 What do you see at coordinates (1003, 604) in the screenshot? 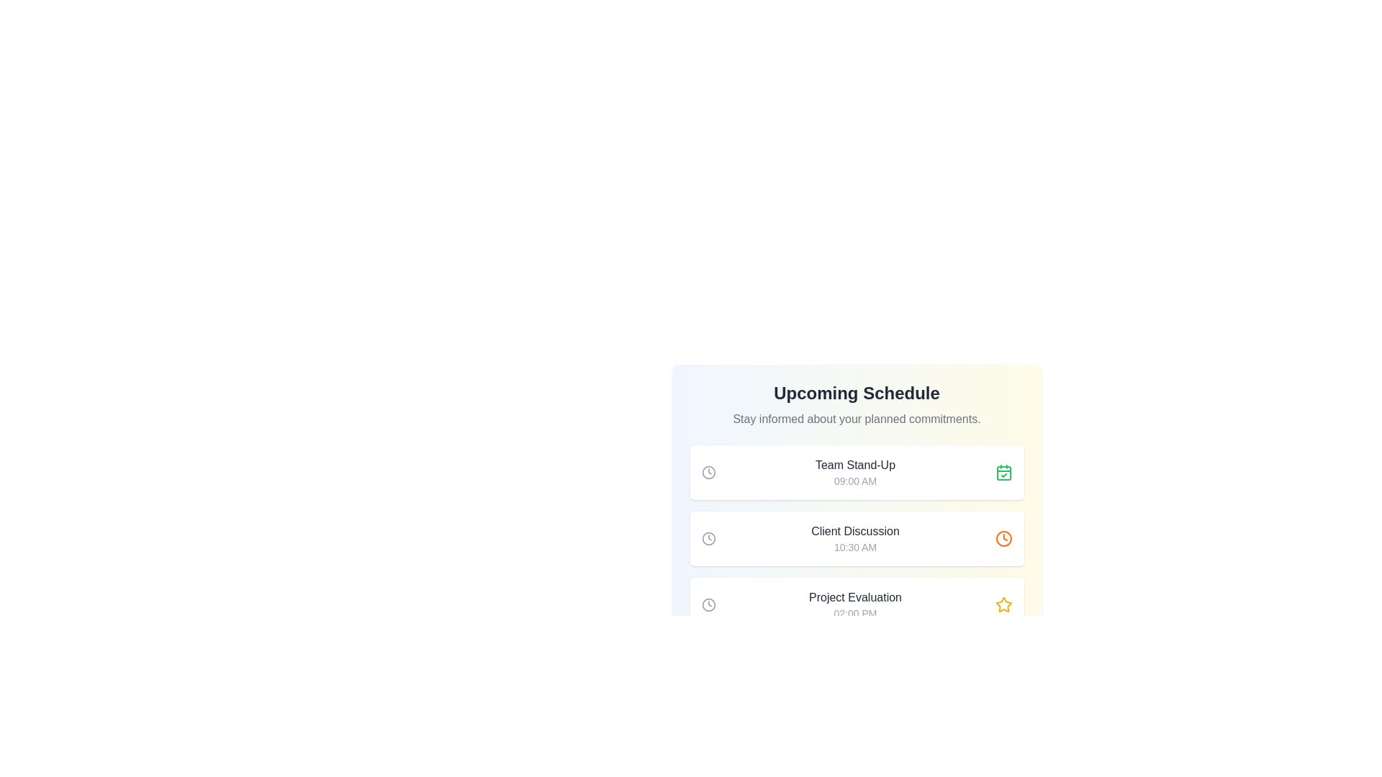
I see `the yellow star-shaped icon used for rating, located at the bottom section of a larger widget` at bounding box center [1003, 604].